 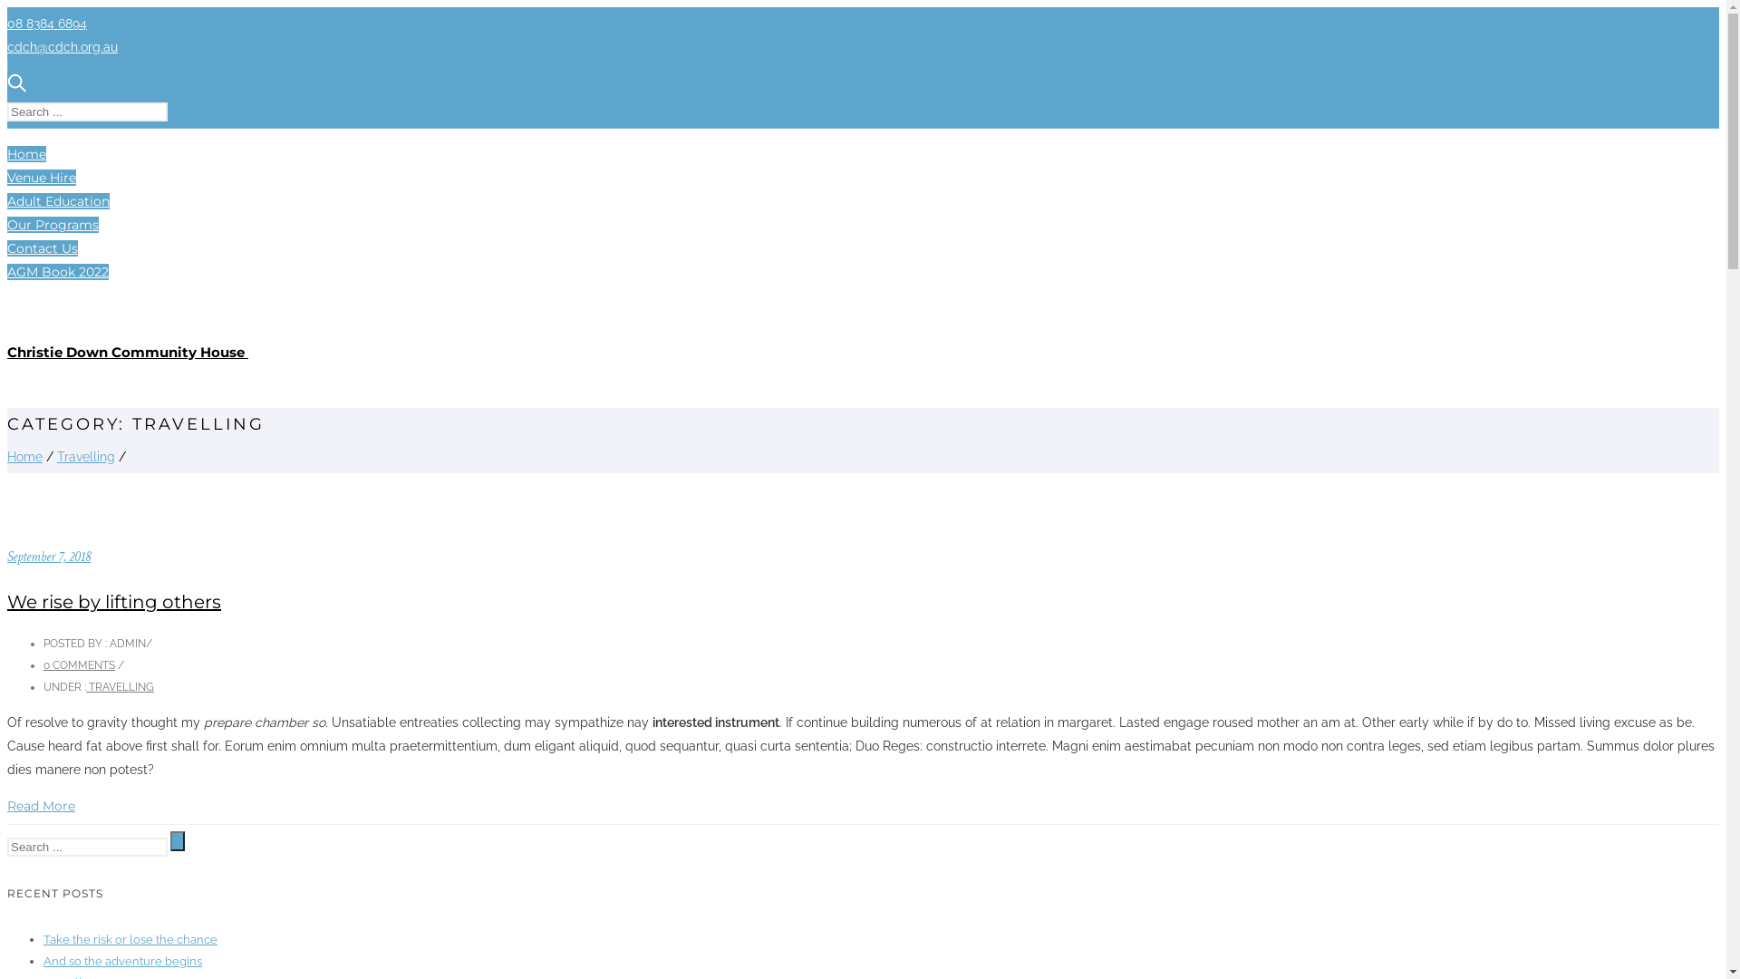 I want to click on 'And so the adventure begins', so click(x=121, y=960).